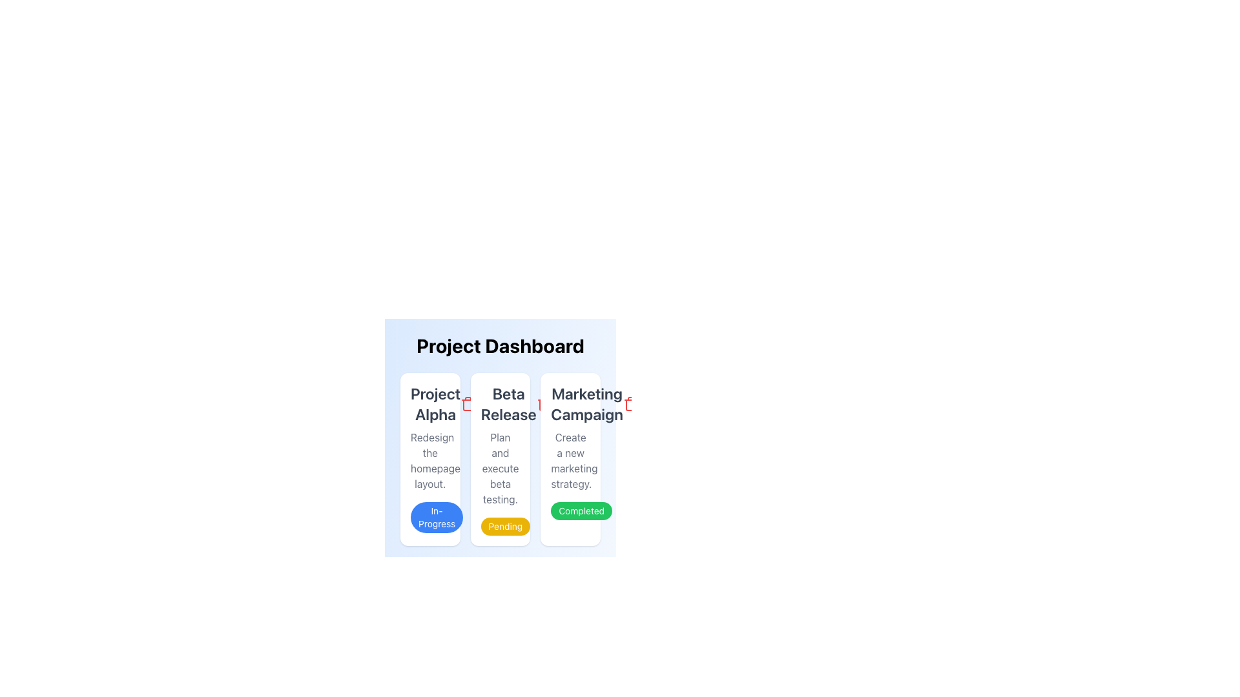  I want to click on the text label identifying the 'Beta Release' card panel, which is positioned at the top of the second card in a grid layout, so click(499, 403).